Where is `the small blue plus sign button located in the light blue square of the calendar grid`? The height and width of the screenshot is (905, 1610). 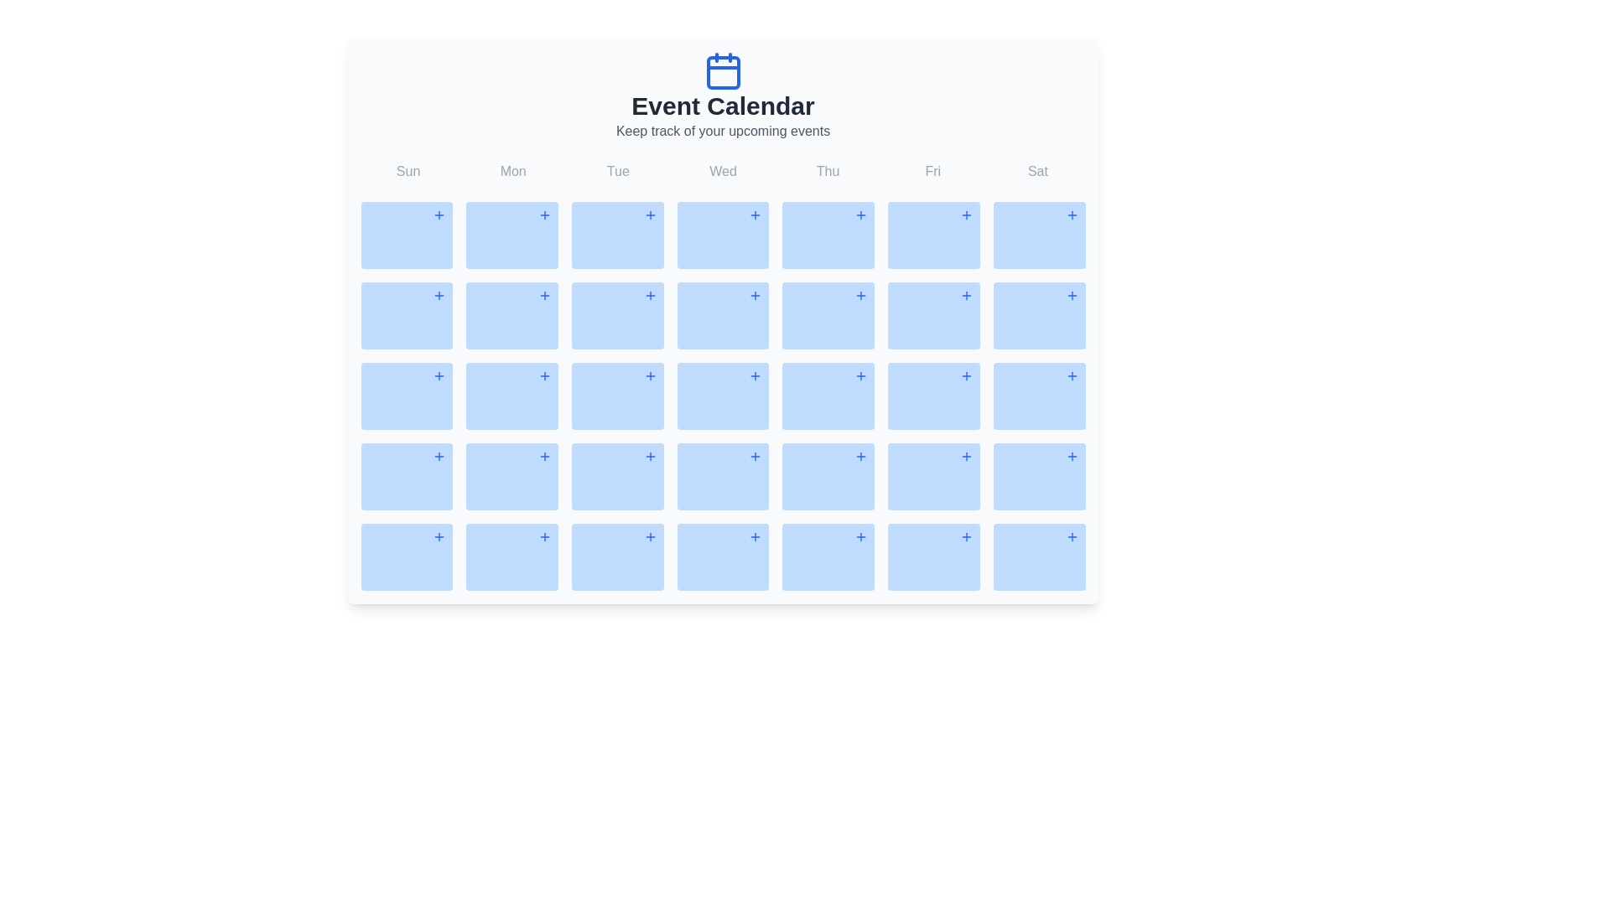
the small blue plus sign button located in the light blue square of the calendar grid is located at coordinates (439, 295).